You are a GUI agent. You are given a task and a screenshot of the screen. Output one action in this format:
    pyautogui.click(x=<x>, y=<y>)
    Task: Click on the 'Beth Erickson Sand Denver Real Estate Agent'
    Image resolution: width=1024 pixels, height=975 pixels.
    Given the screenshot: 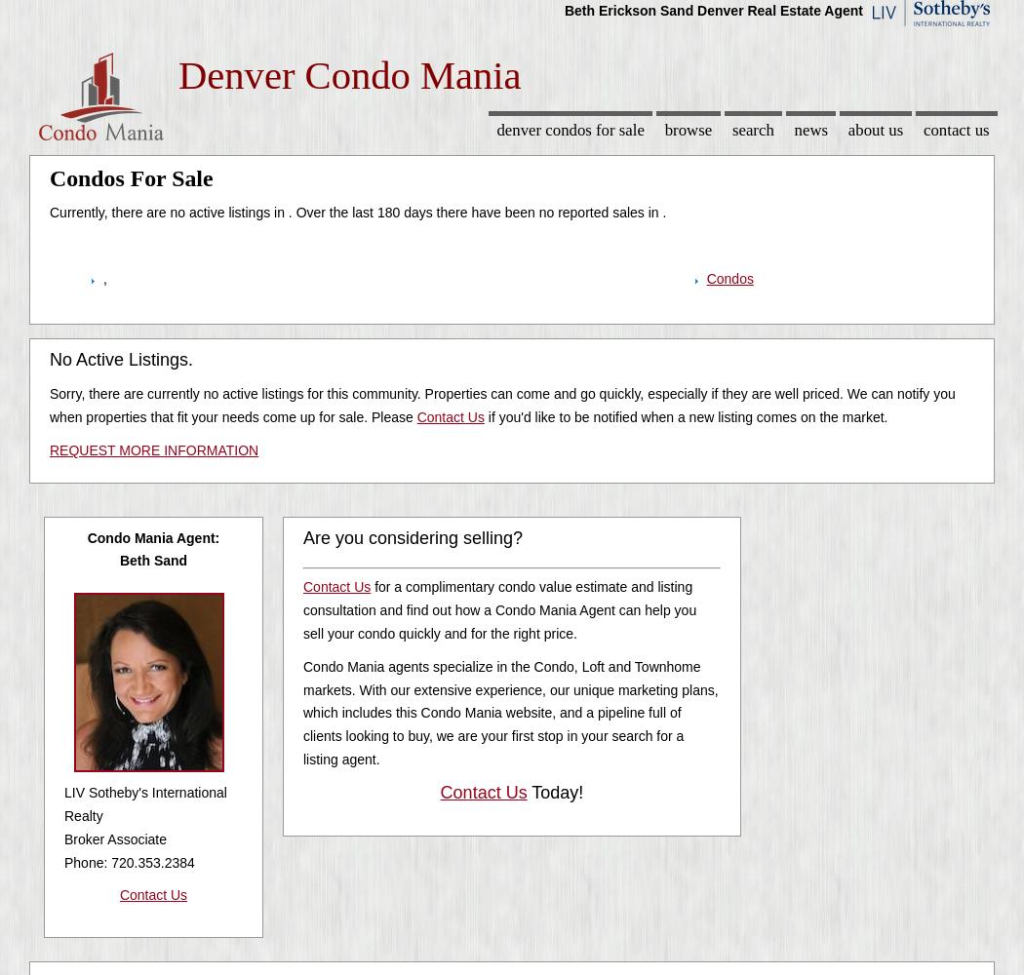 What is the action you would take?
    pyautogui.click(x=563, y=11)
    